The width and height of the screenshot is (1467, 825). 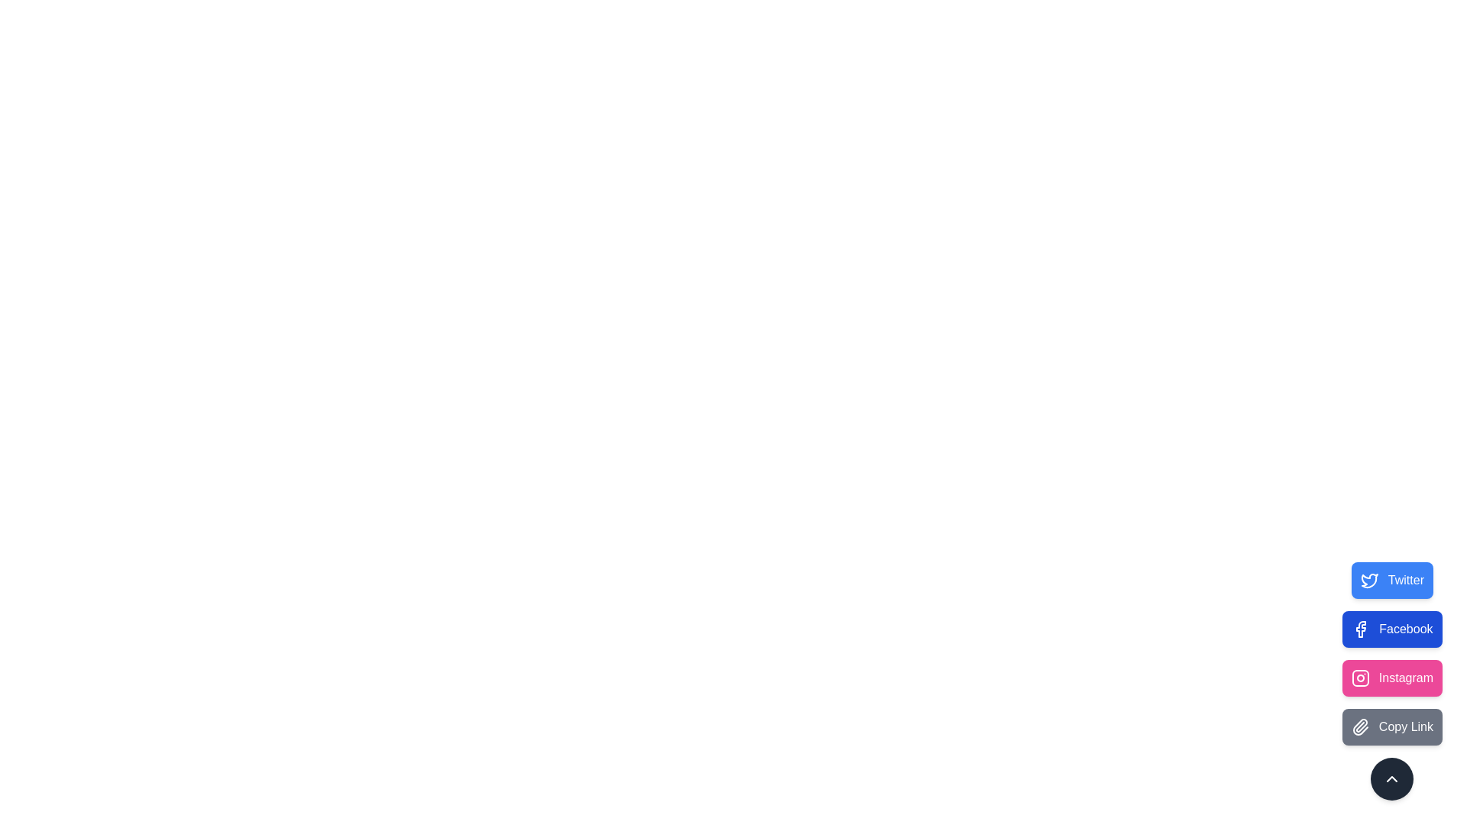 What do you see at coordinates (1392, 580) in the screenshot?
I see `the Twitter button to perform the corresponding action` at bounding box center [1392, 580].